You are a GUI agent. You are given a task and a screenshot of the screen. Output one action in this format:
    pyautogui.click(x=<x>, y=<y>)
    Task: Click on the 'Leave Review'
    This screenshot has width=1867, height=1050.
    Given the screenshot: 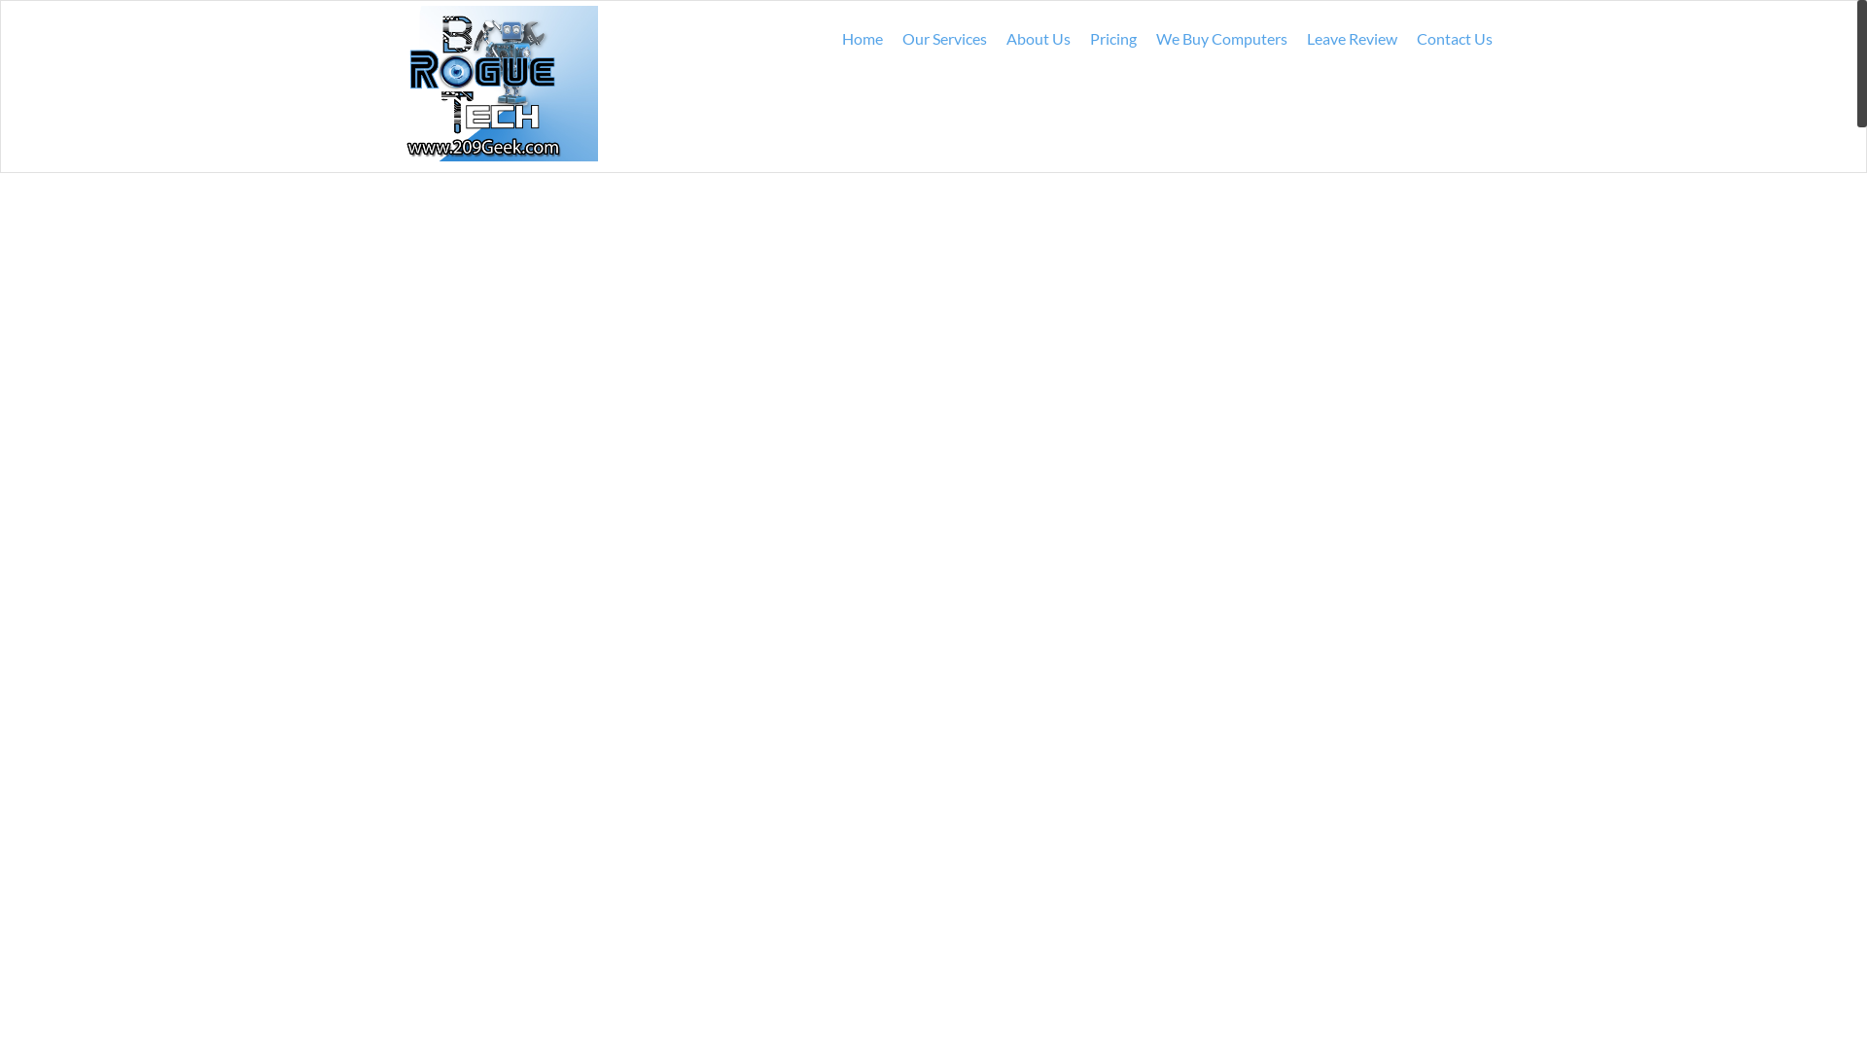 What is the action you would take?
    pyautogui.click(x=1297, y=38)
    